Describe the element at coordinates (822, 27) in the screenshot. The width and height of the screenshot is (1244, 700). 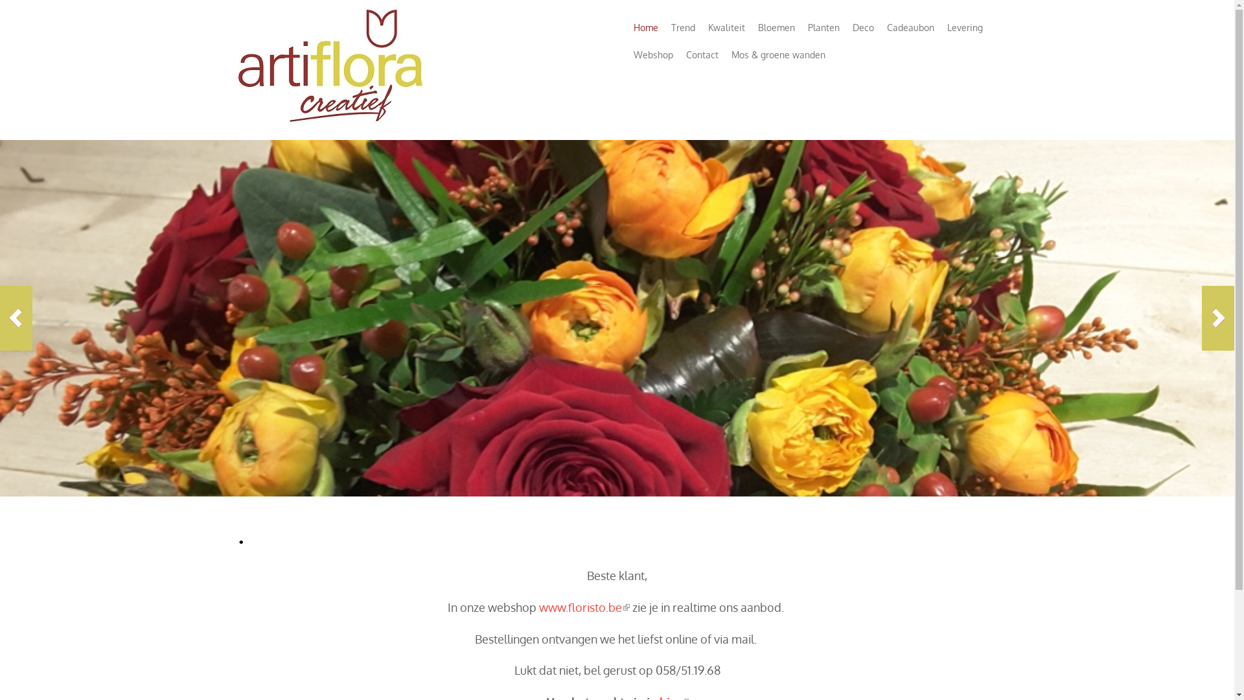
I see `'Planten'` at that location.